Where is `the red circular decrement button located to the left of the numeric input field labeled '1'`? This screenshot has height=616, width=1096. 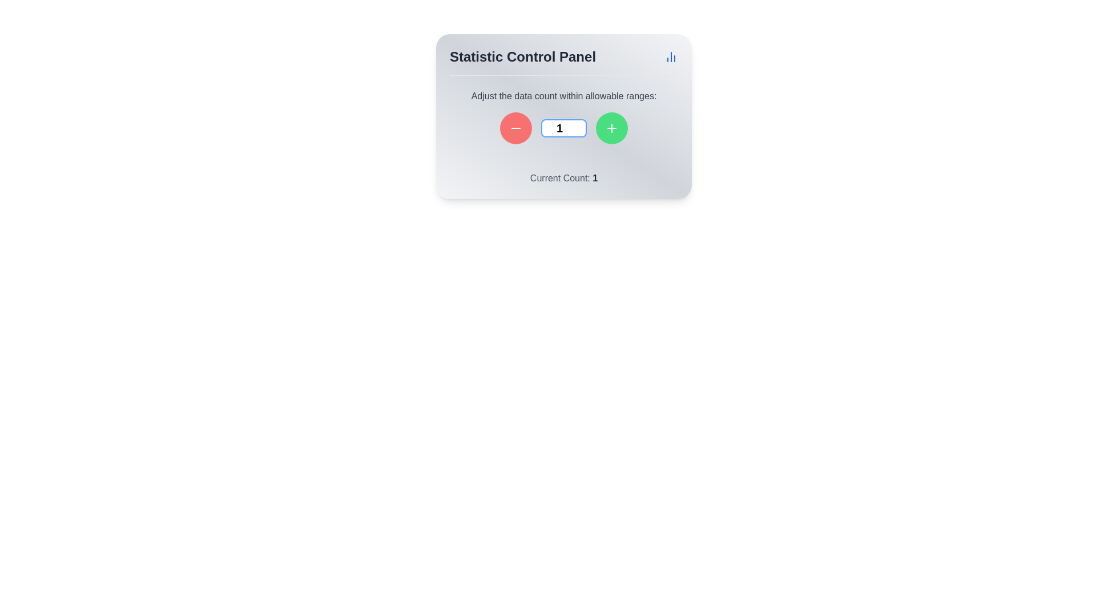 the red circular decrement button located to the left of the numeric input field labeled '1' is located at coordinates (515, 128).